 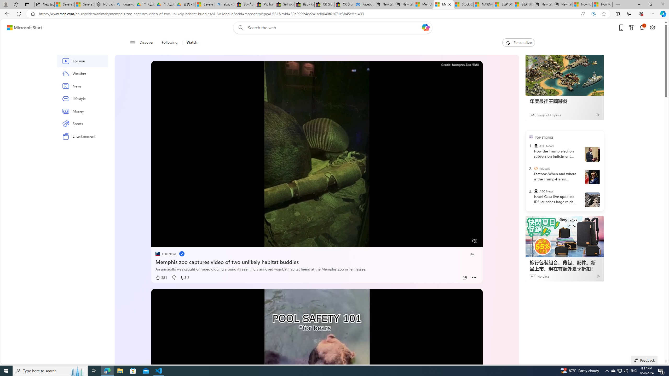 I want to click on '381 Like', so click(x=161, y=277).